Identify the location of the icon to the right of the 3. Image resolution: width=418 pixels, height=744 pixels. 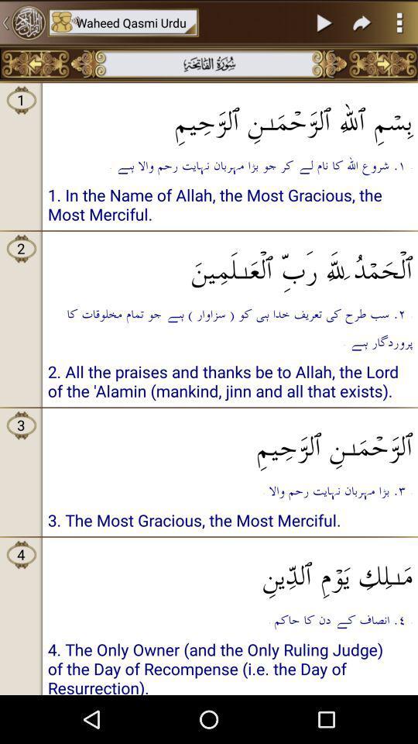
(229, 383).